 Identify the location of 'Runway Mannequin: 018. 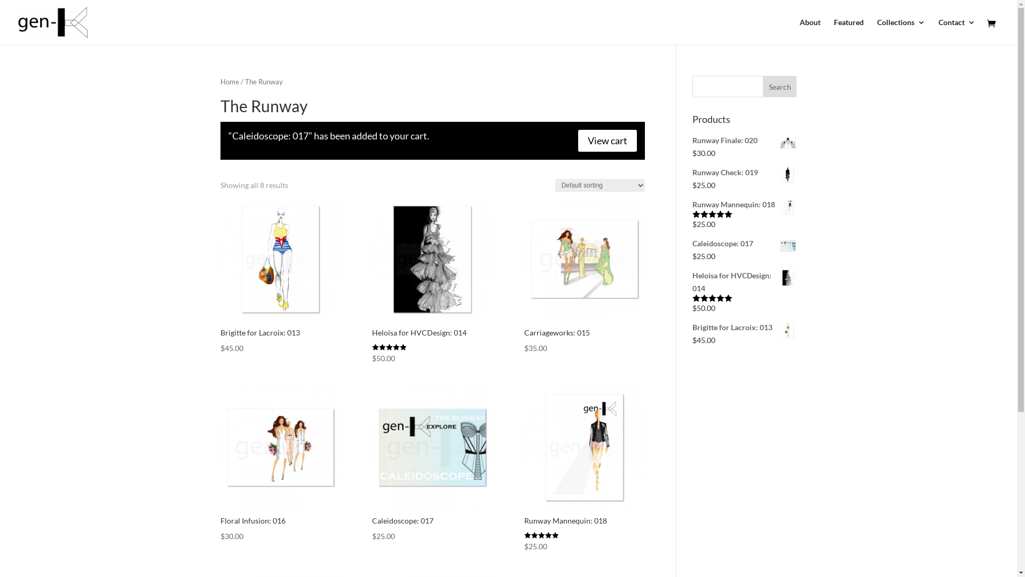
(584, 469).